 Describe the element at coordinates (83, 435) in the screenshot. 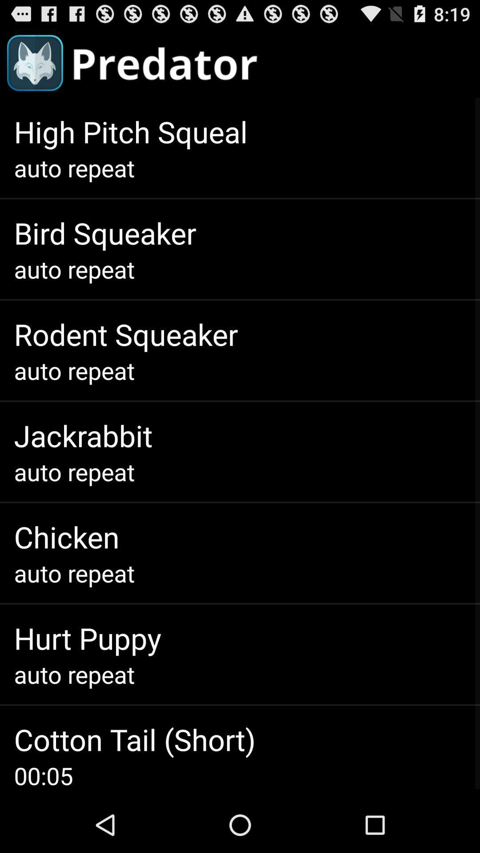

I see `the jackrabbit icon` at that location.